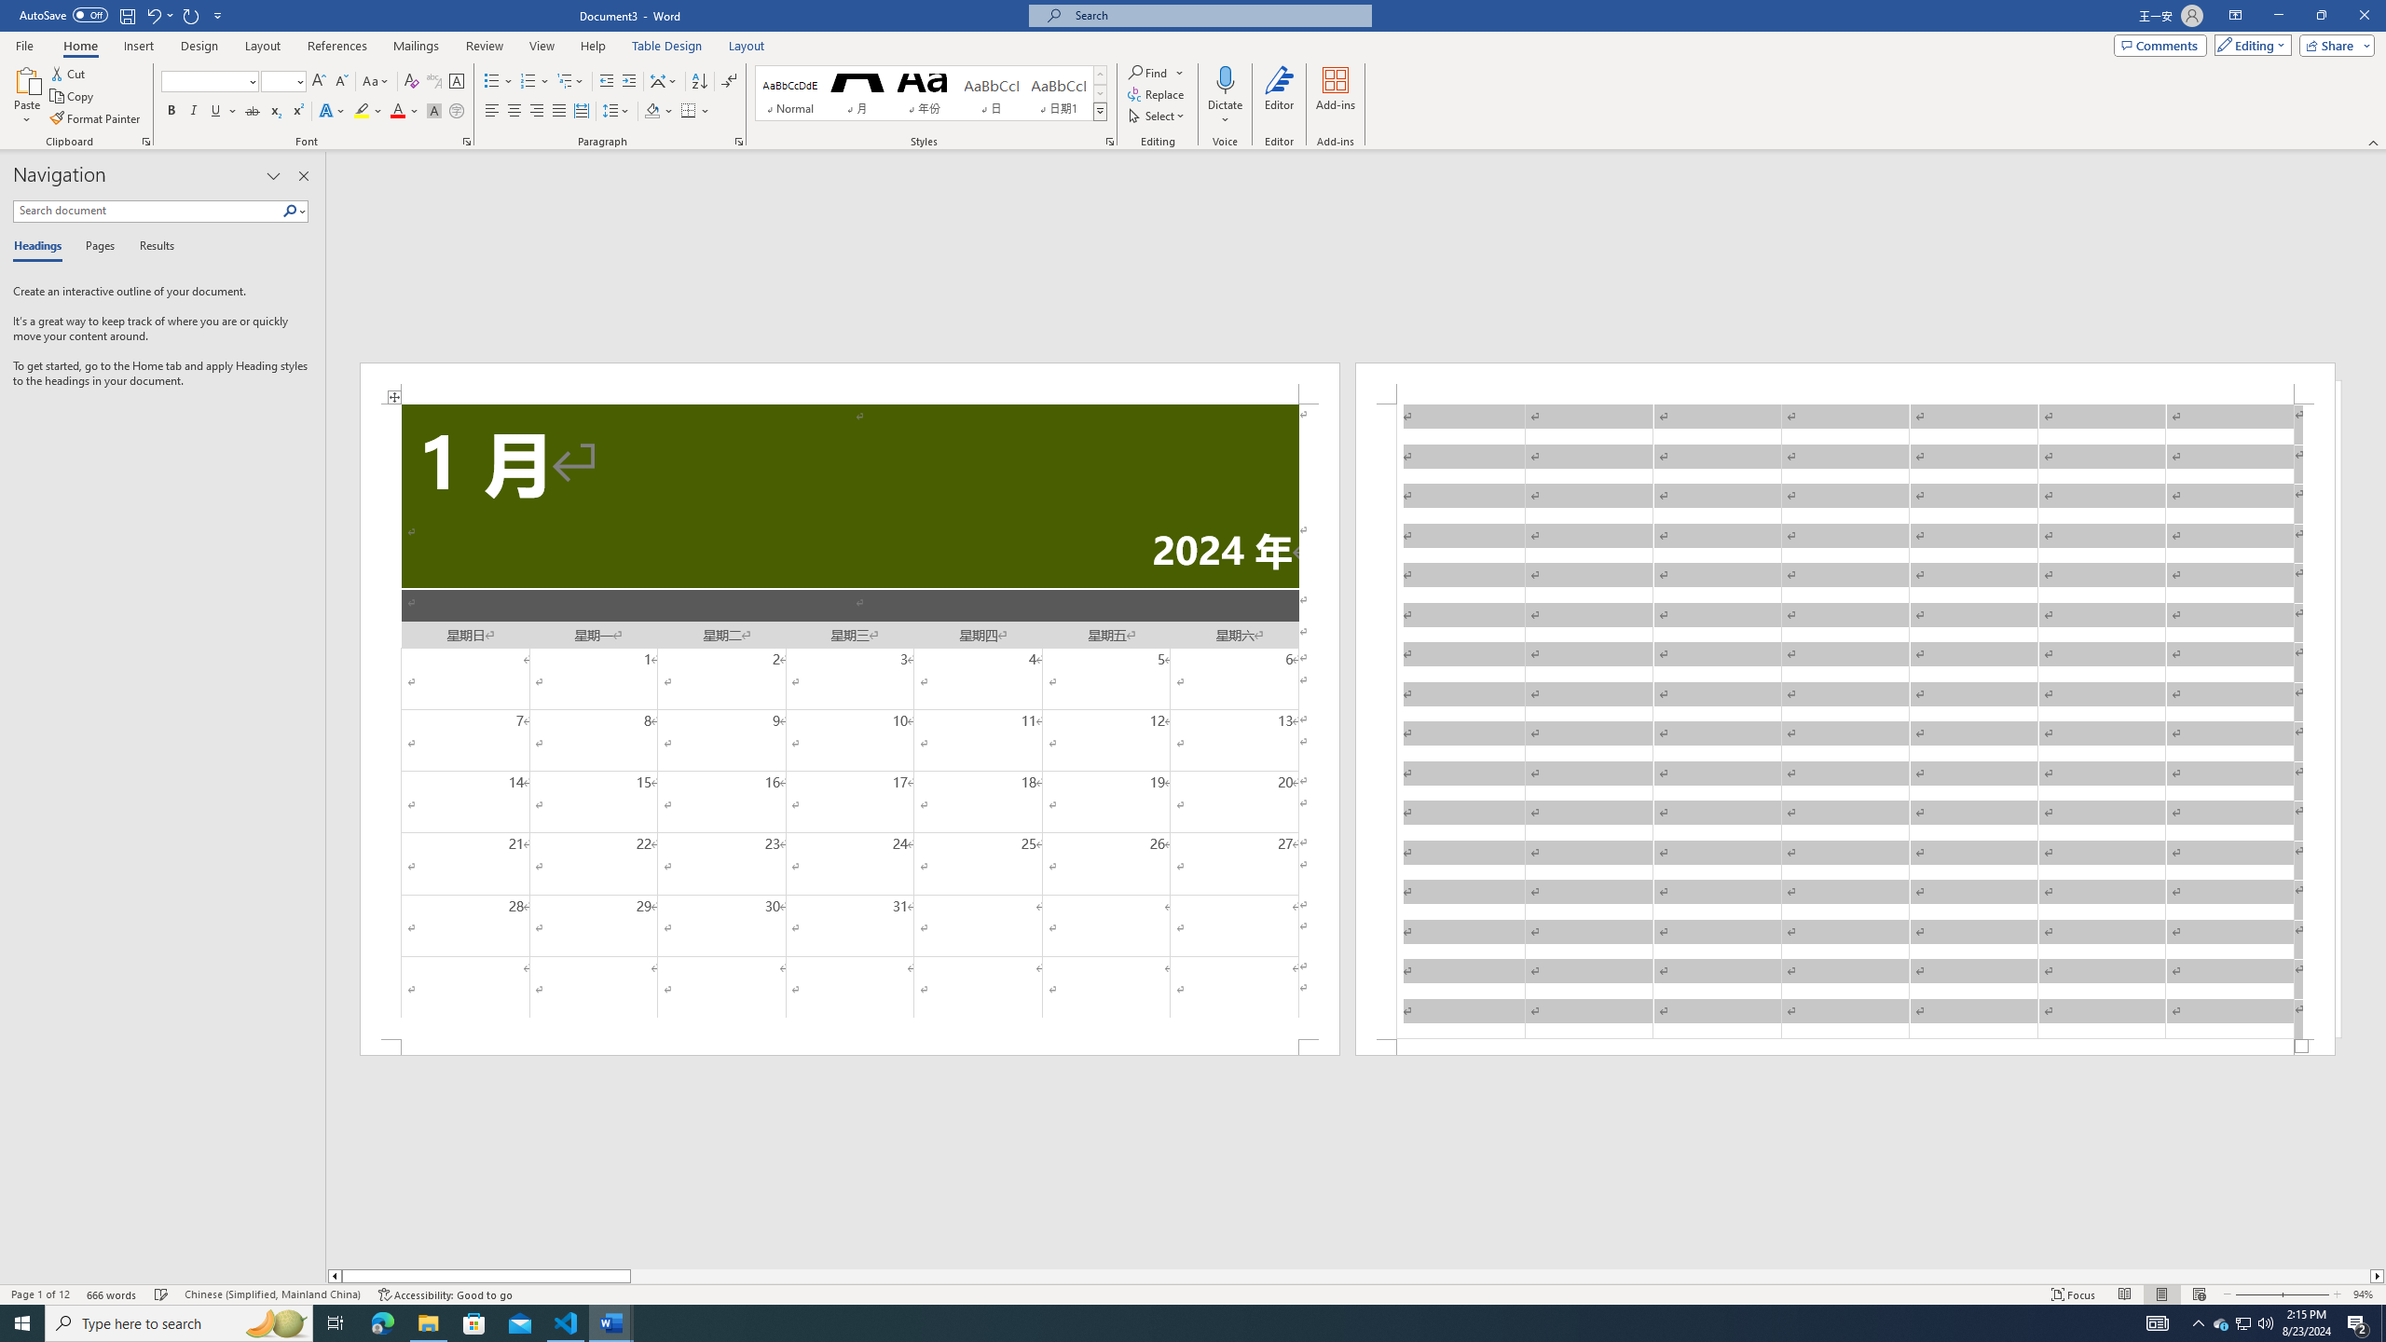 This screenshot has height=1342, width=2386. What do you see at coordinates (850, 720) in the screenshot?
I see `'Page 1 content'` at bounding box center [850, 720].